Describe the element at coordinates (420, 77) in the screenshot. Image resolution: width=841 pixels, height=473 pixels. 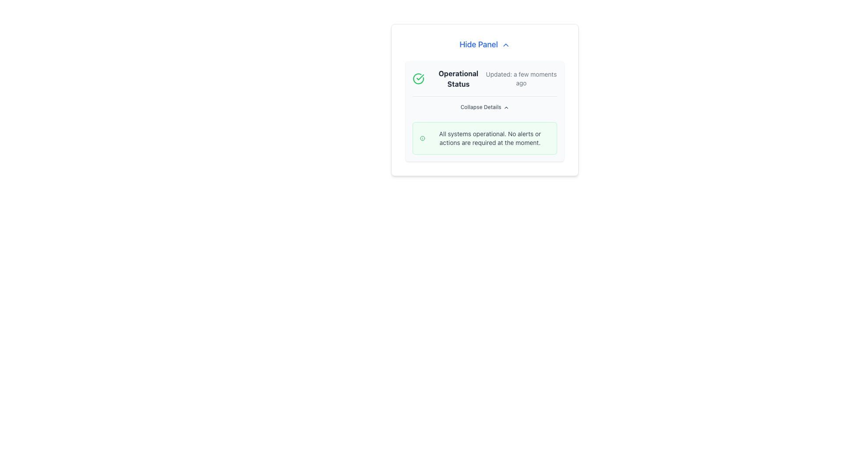
I see `the status indicator icon located in the top-left corner of the 'Operational Status' card, adjacent to the text reading 'Operational Status'` at that location.